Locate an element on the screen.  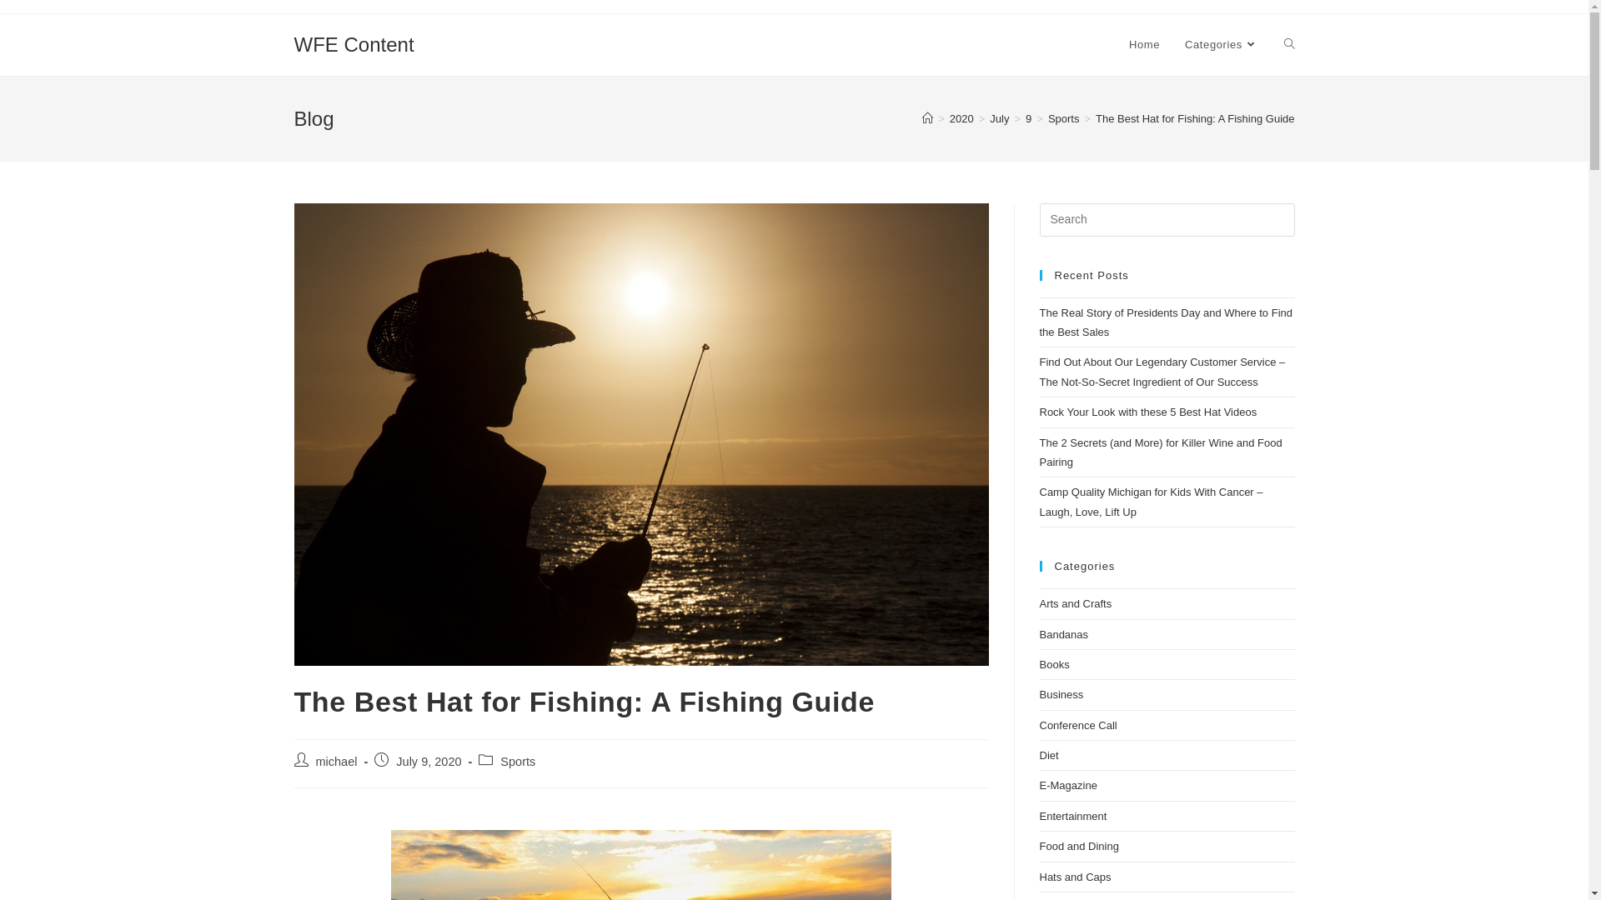
'Food and Dining' is located at coordinates (1078, 846).